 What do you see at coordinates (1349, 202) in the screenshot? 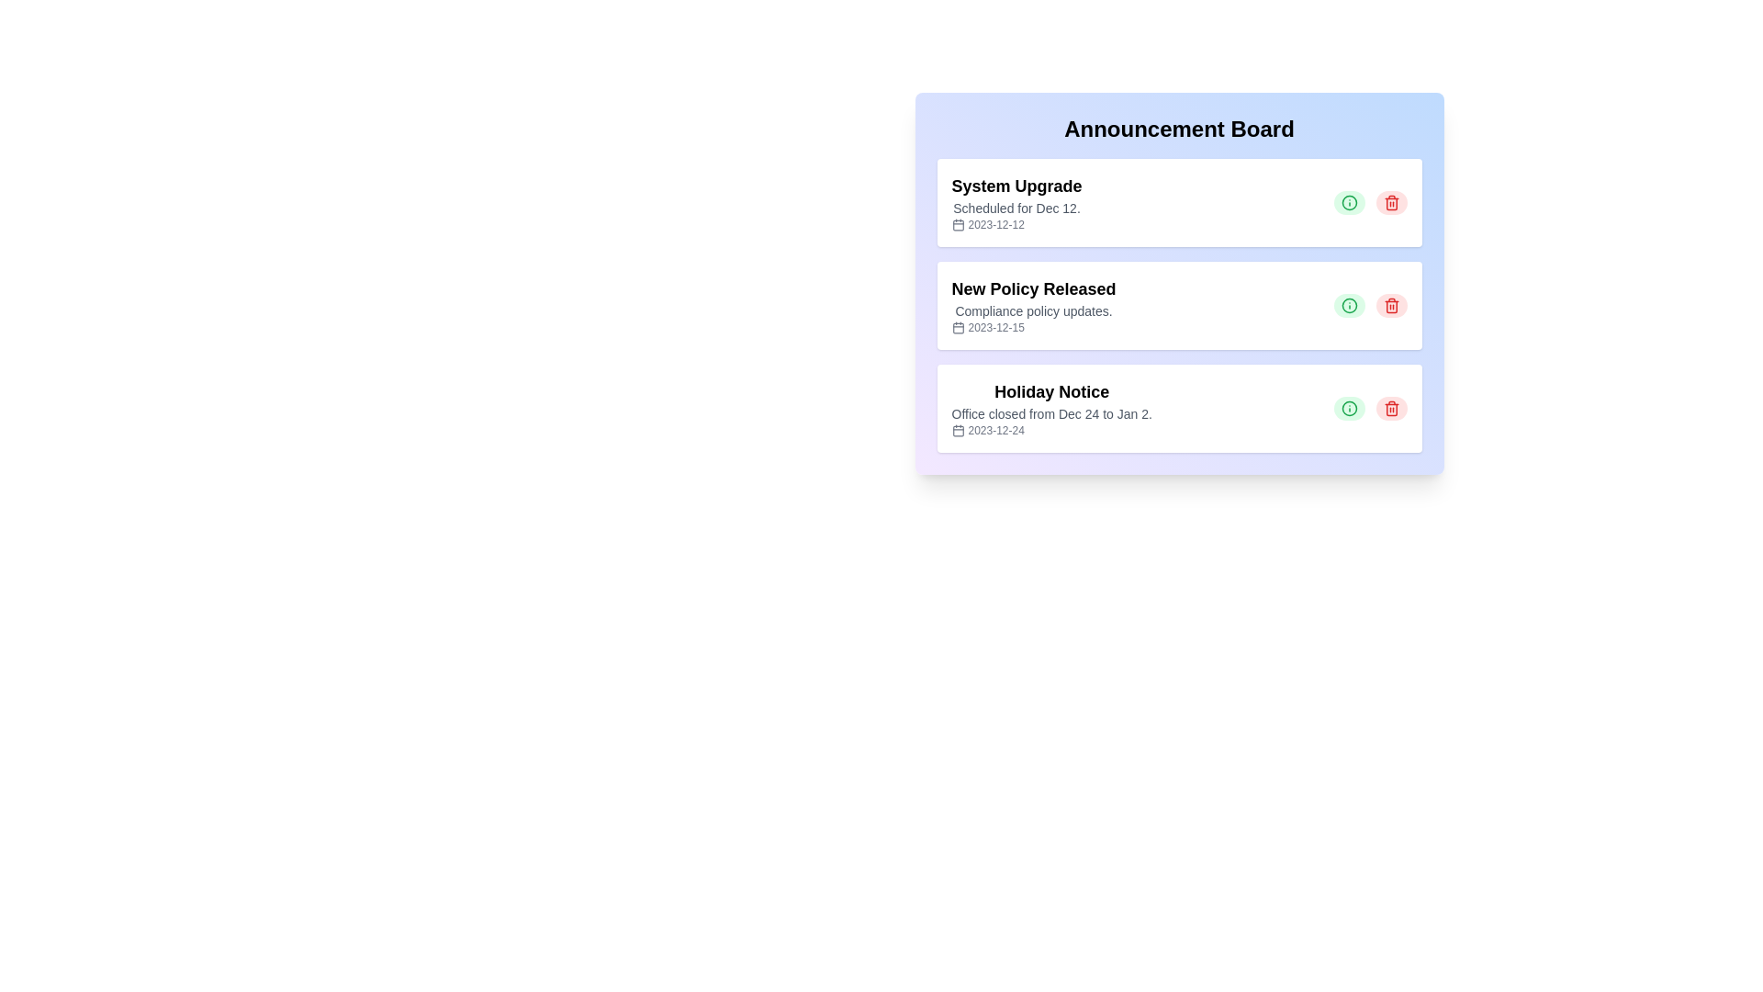
I see `the detail button for the announcement titled 'System Upgrade'` at bounding box center [1349, 202].